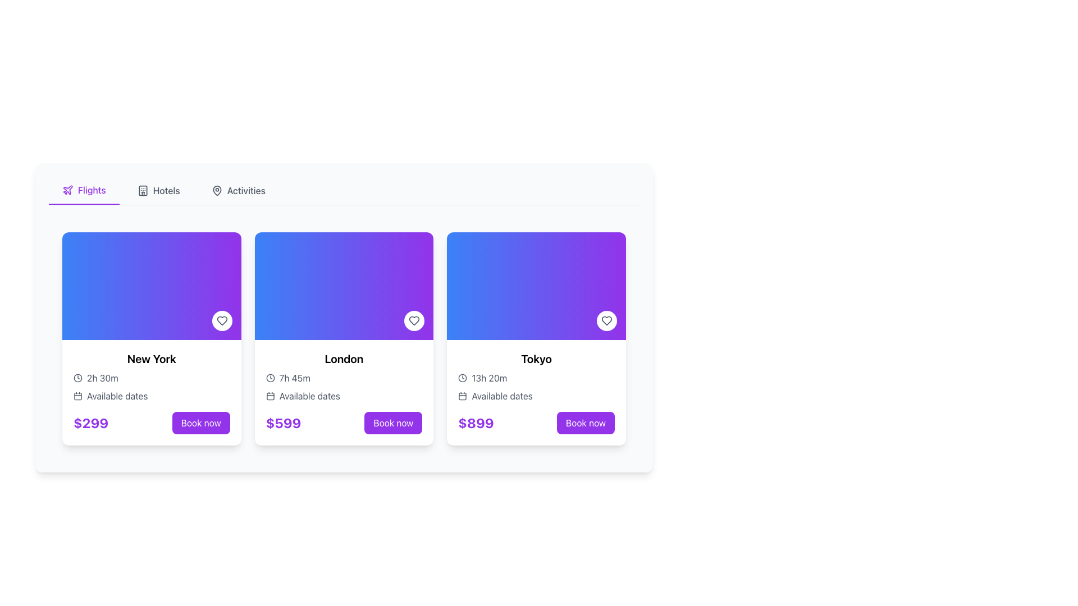 This screenshot has height=606, width=1078. What do you see at coordinates (344, 359) in the screenshot?
I see `text content of the Heading element labeled 'London', which is located at the top of the second card in the center panel` at bounding box center [344, 359].